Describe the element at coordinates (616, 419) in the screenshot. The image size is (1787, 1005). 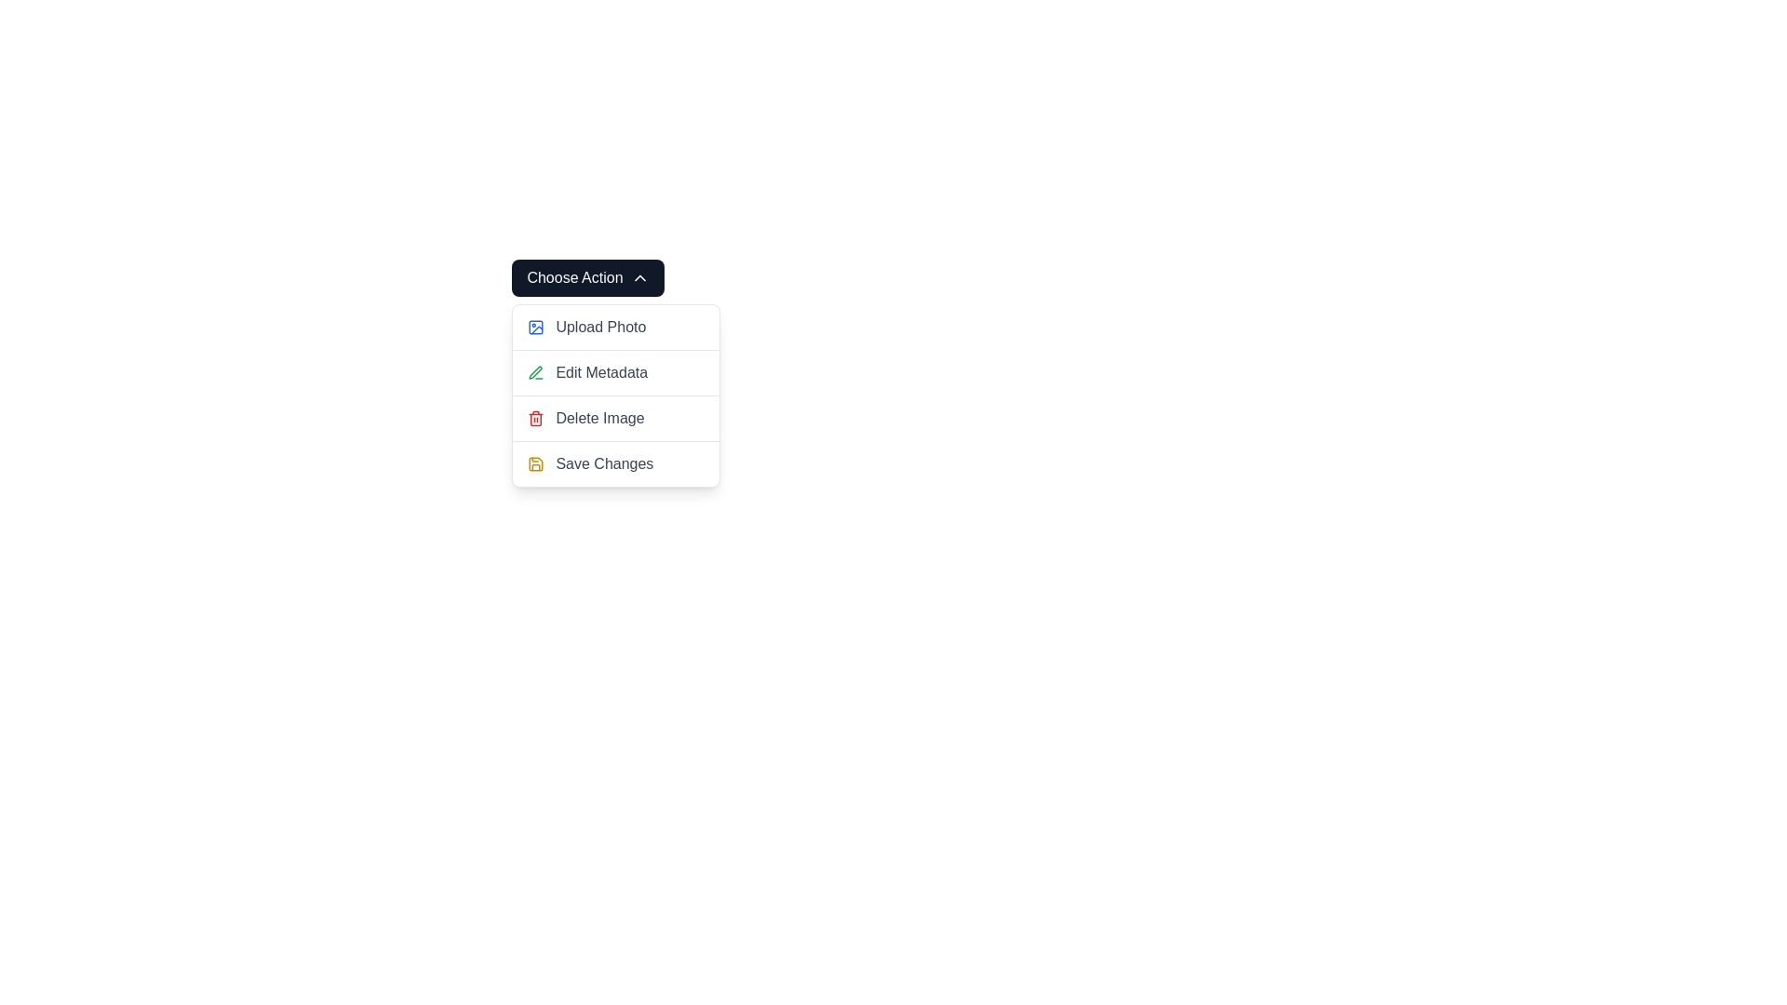
I see `the 'Delete Image' button with a trash bin icon` at that location.